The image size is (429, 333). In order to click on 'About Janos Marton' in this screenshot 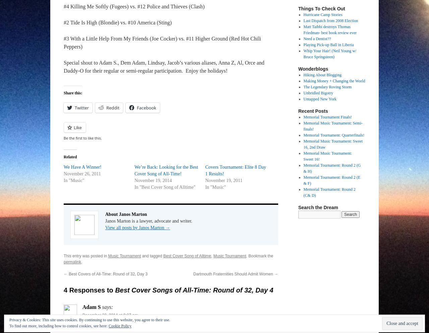, I will do `click(126, 214)`.